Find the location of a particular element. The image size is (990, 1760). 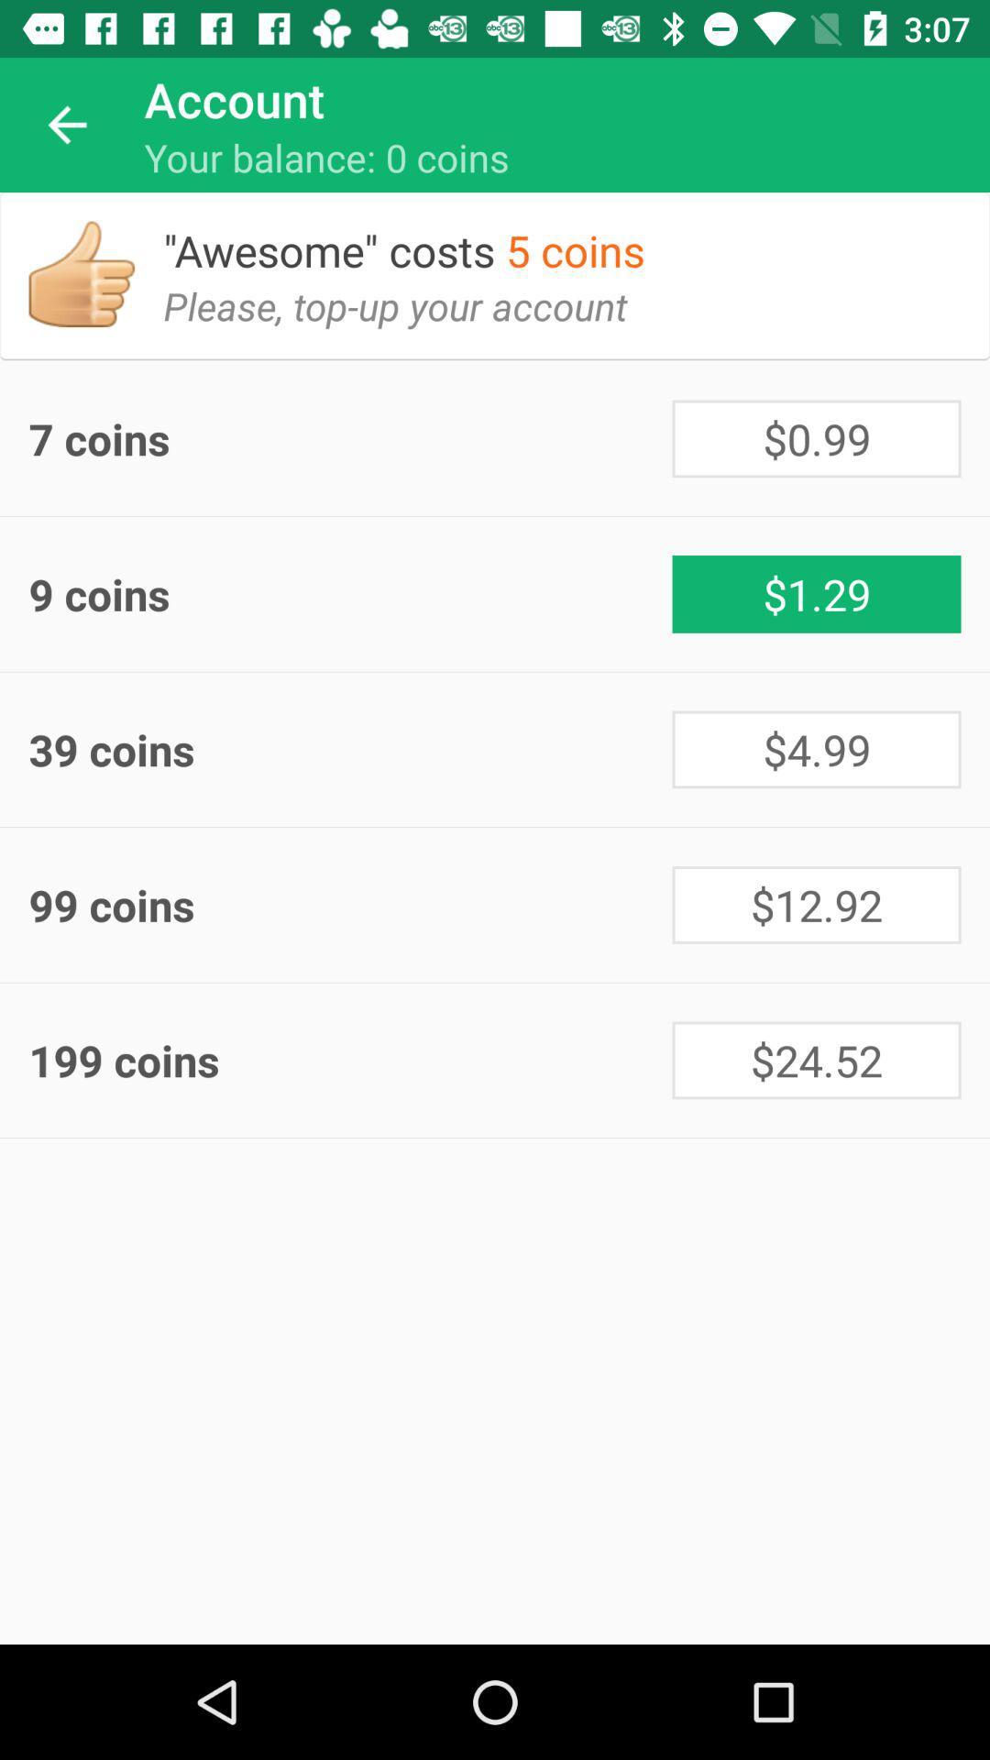

the item next to the $4.99 is located at coordinates (350, 749).